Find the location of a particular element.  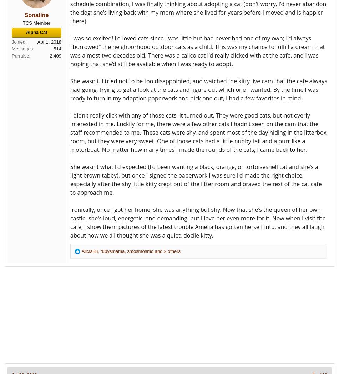

'Alicia88' is located at coordinates (89, 250).